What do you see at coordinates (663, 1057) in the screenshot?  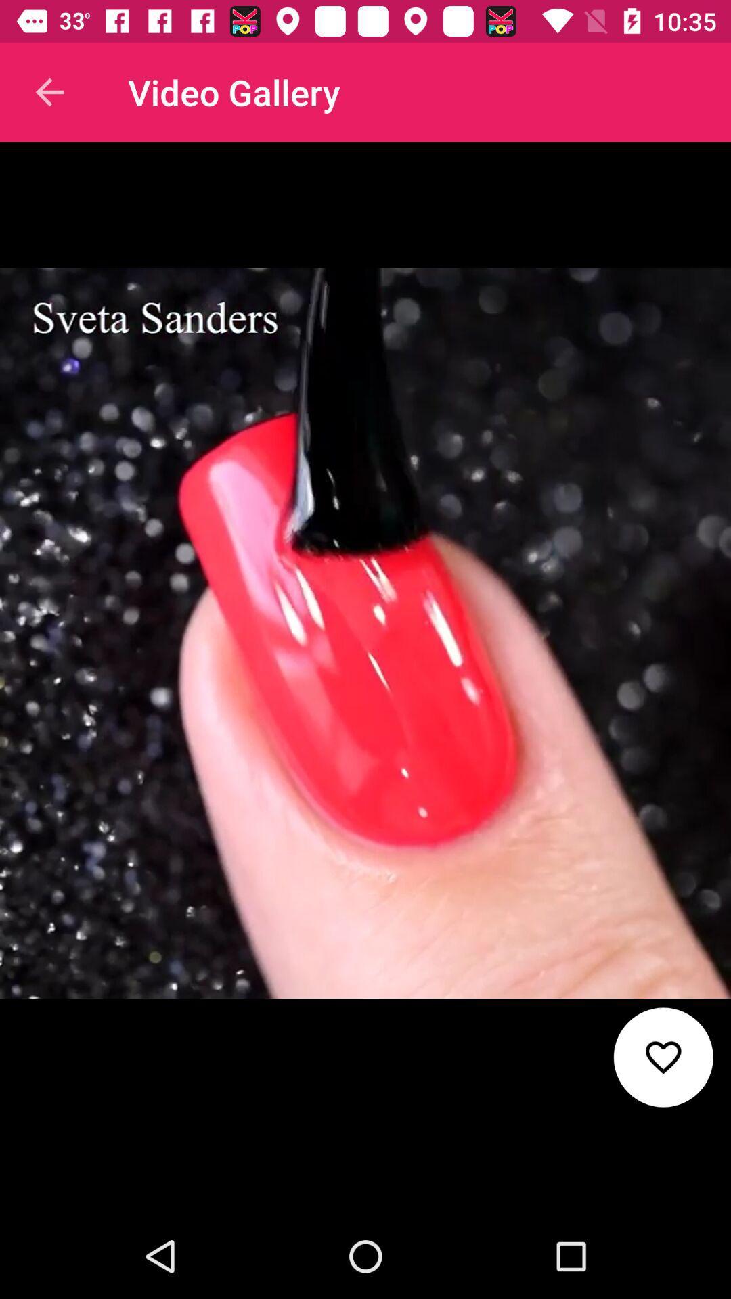 I see `the favorite icon` at bounding box center [663, 1057].